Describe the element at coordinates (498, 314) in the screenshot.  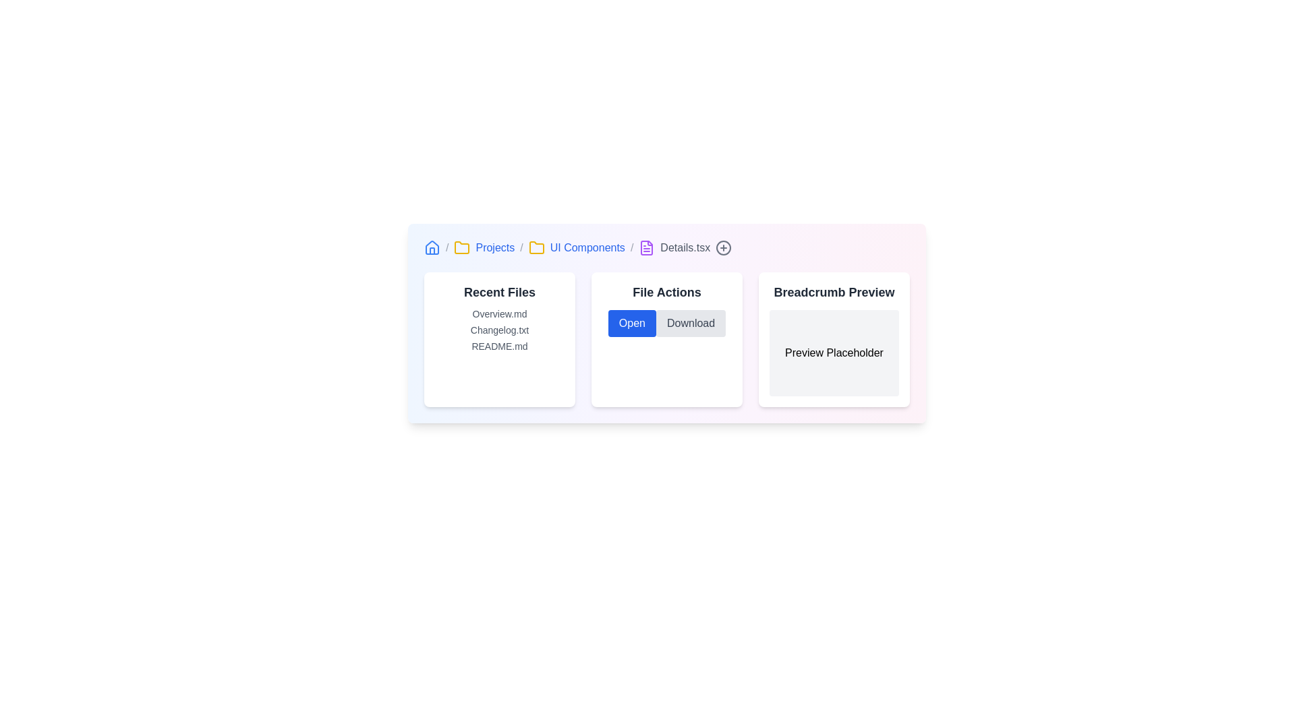
I see `the text label displaying 'Overview.md' in grey color within the 'Recent Files' section` at that location.